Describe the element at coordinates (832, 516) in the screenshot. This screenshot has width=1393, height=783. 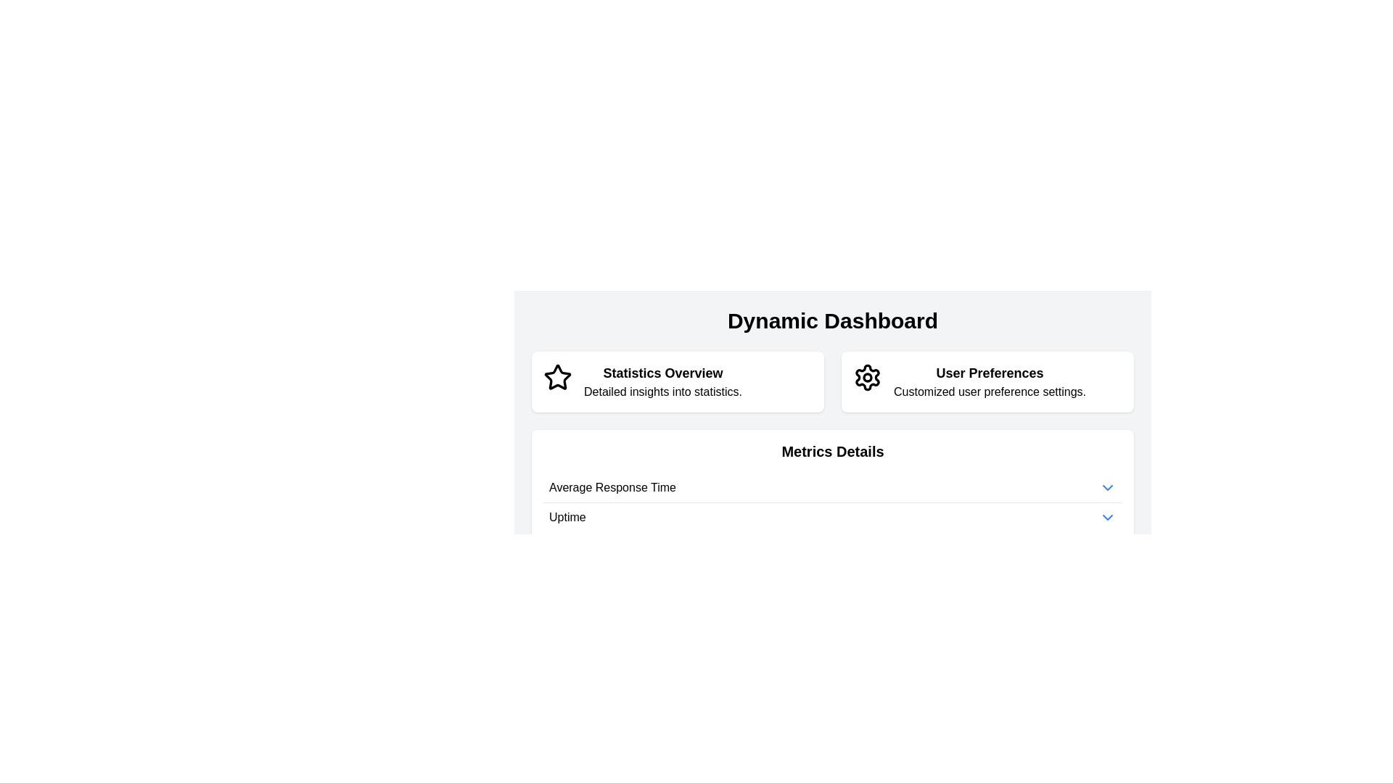
I see `the 'Uptime' dropdown row located in the 'Metrics Details' section` at that location.